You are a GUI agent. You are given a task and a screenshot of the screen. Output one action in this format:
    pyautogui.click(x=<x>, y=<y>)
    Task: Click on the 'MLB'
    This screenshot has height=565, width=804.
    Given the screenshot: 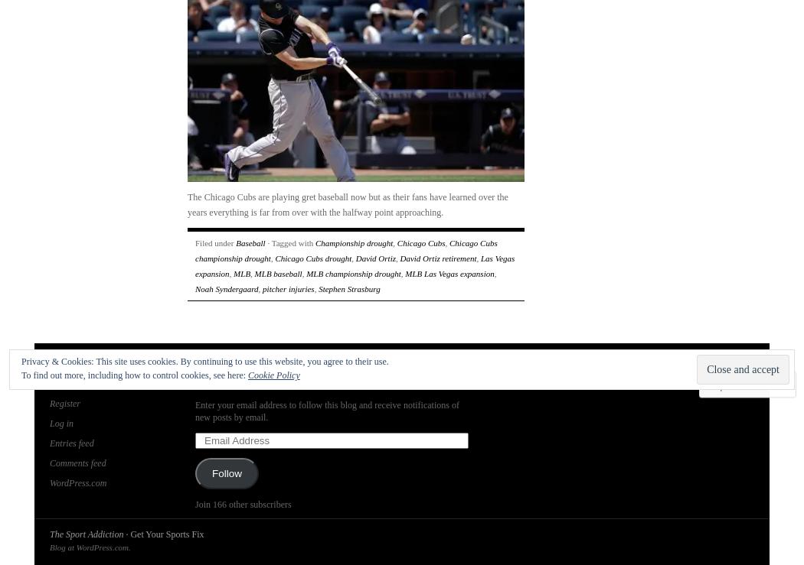 What is the action you would take?
    pyautogui.click(x=242, y=272)
    